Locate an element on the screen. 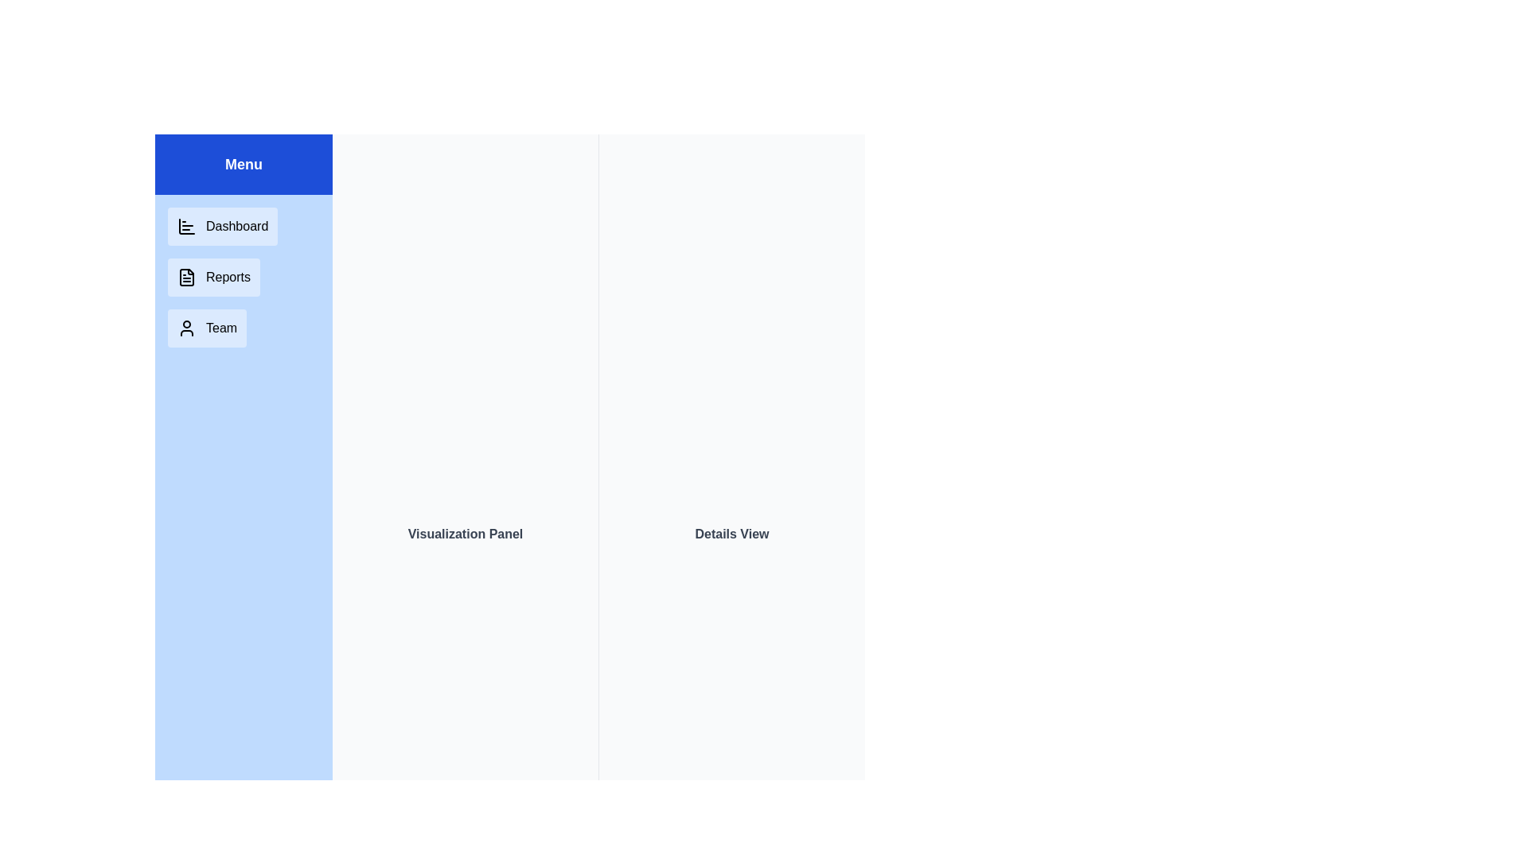  the 'Reports' button located in the left blue sidebar under the 'Menu' header is located at coordinates (212, 276).